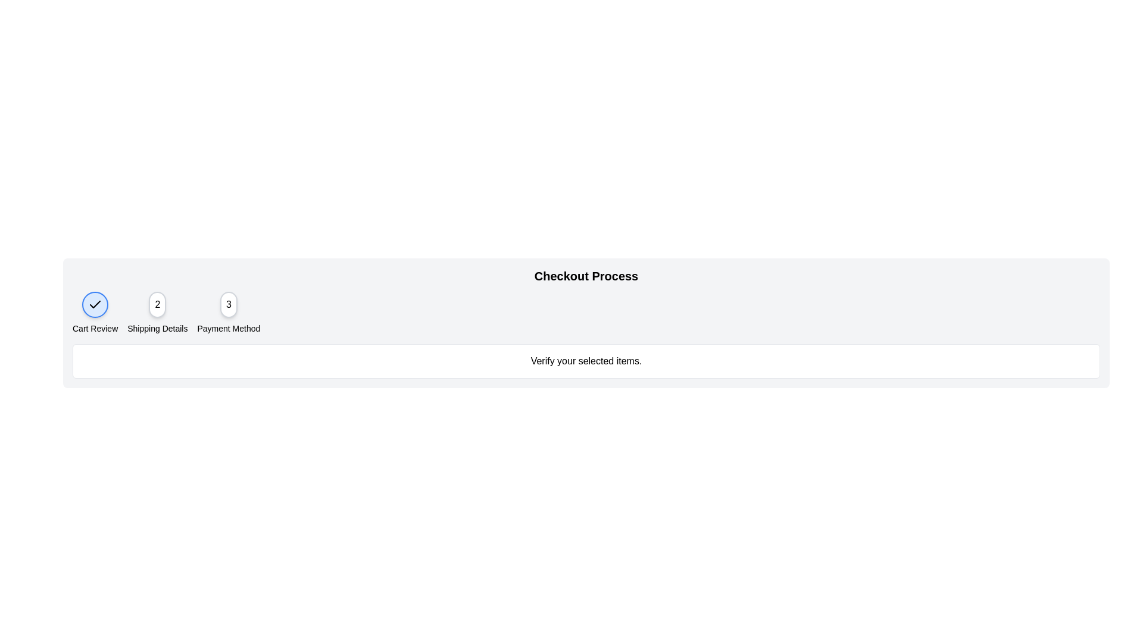  Describe the element at coordinates (157, 312) in the screenshot. I see `the 'Shipping Details' step in the navigation step indicator` at that location.